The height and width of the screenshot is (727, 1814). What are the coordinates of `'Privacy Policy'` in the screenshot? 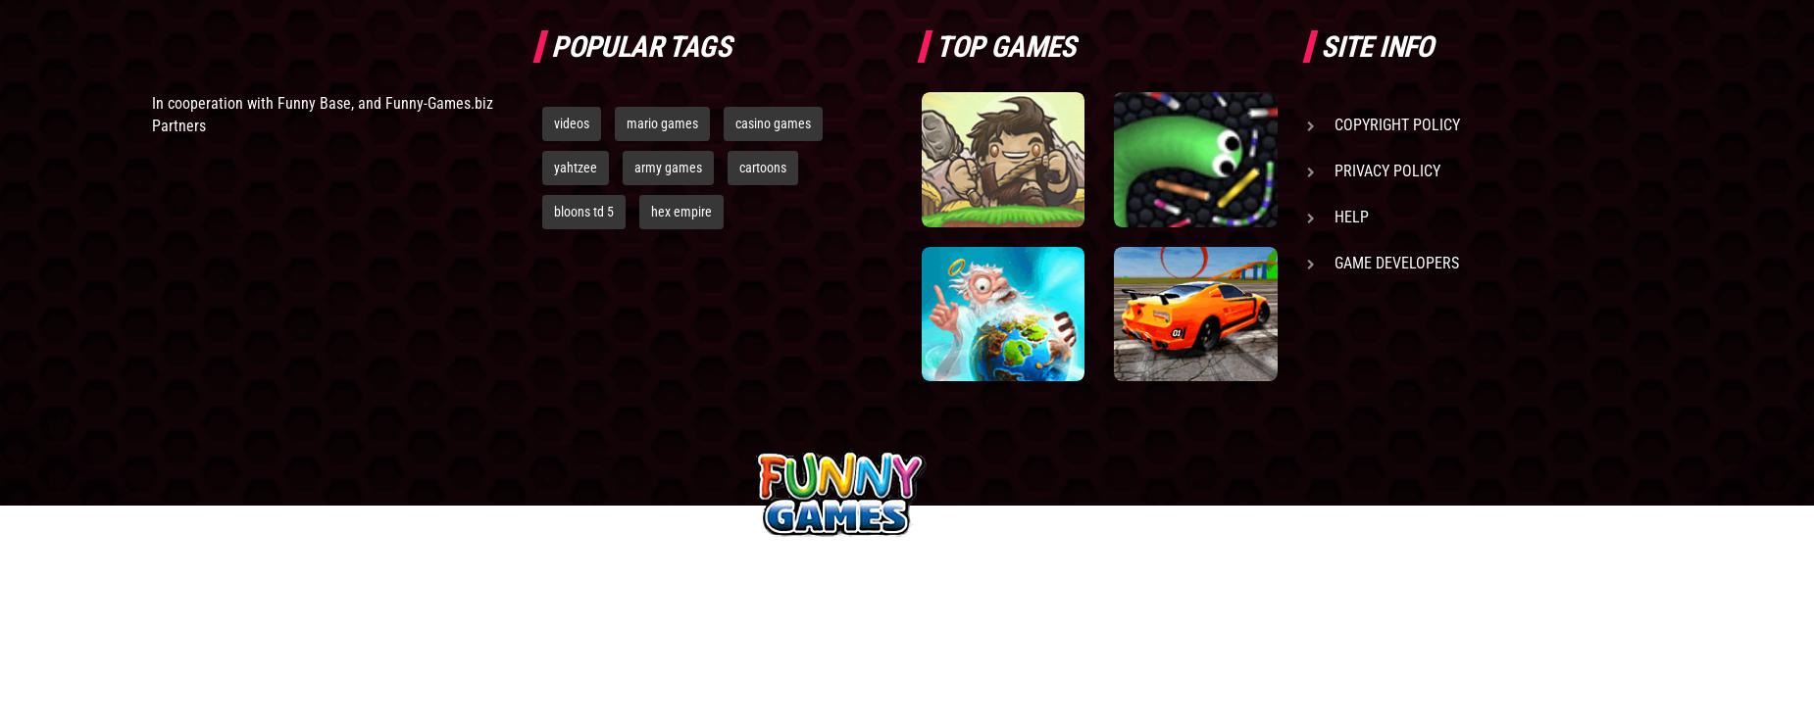 It's located at (1386, 170).